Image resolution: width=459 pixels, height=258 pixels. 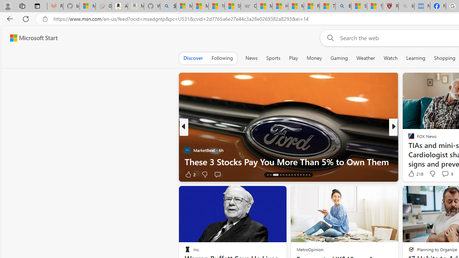 I want to click on 'Play', so click(x=293, y=58).